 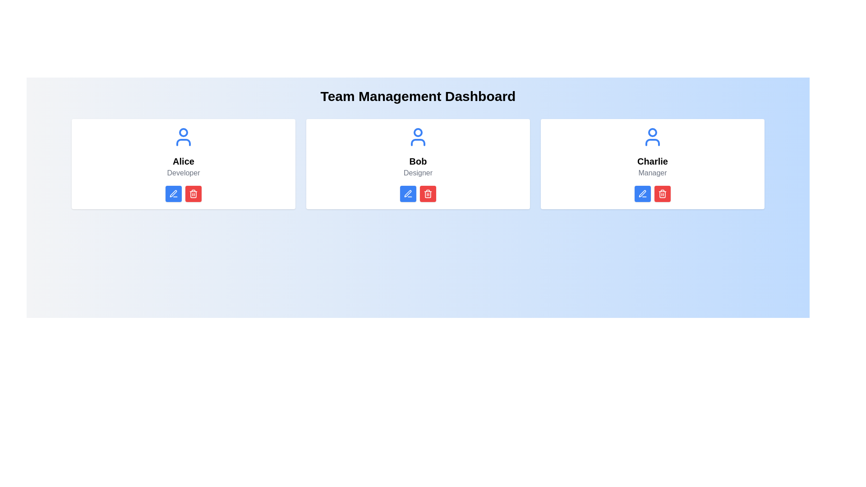 What do you see at coordinates (173, 193) in the screenshot?
I see `the first button in the control panel below the 'Alice, Developer' card` at bounding box center [173, 193].